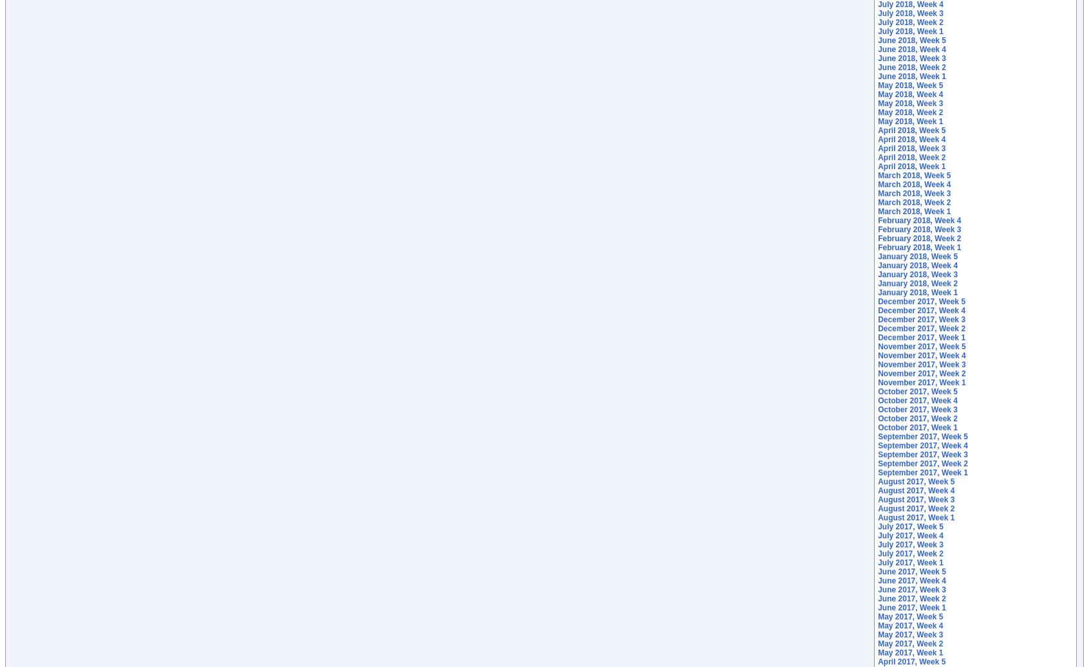  Describe the element at coordinates (911, 590) in the screenshot. I see `'June 2017, Week 3'` at that location.